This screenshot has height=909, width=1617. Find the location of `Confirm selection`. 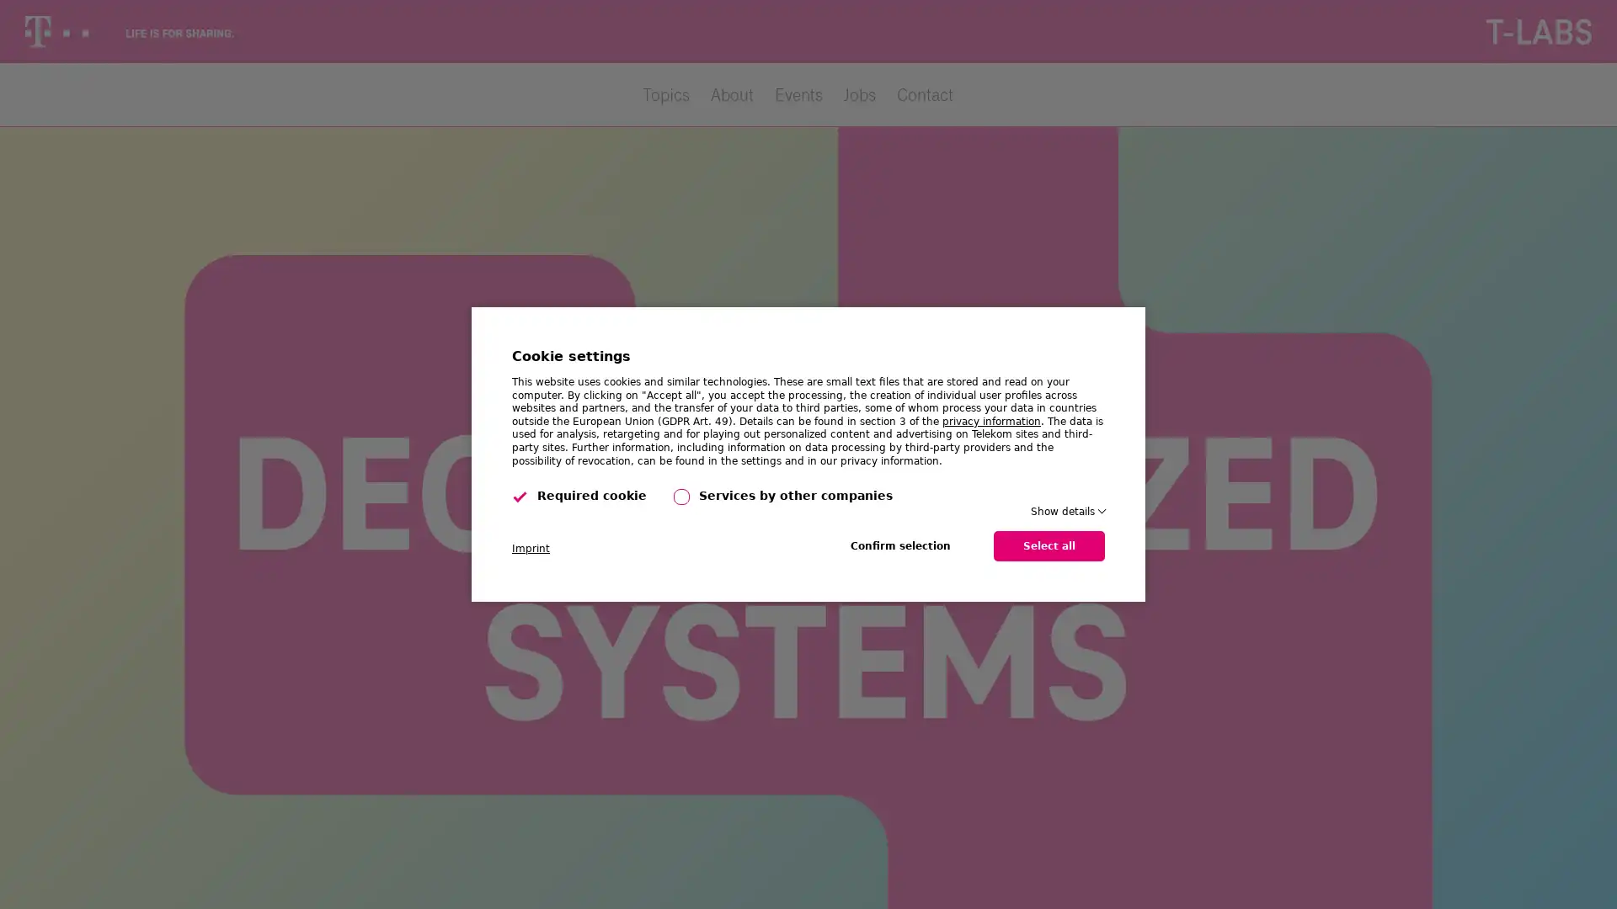

Confirm selection is located at coordinates (899, 545).